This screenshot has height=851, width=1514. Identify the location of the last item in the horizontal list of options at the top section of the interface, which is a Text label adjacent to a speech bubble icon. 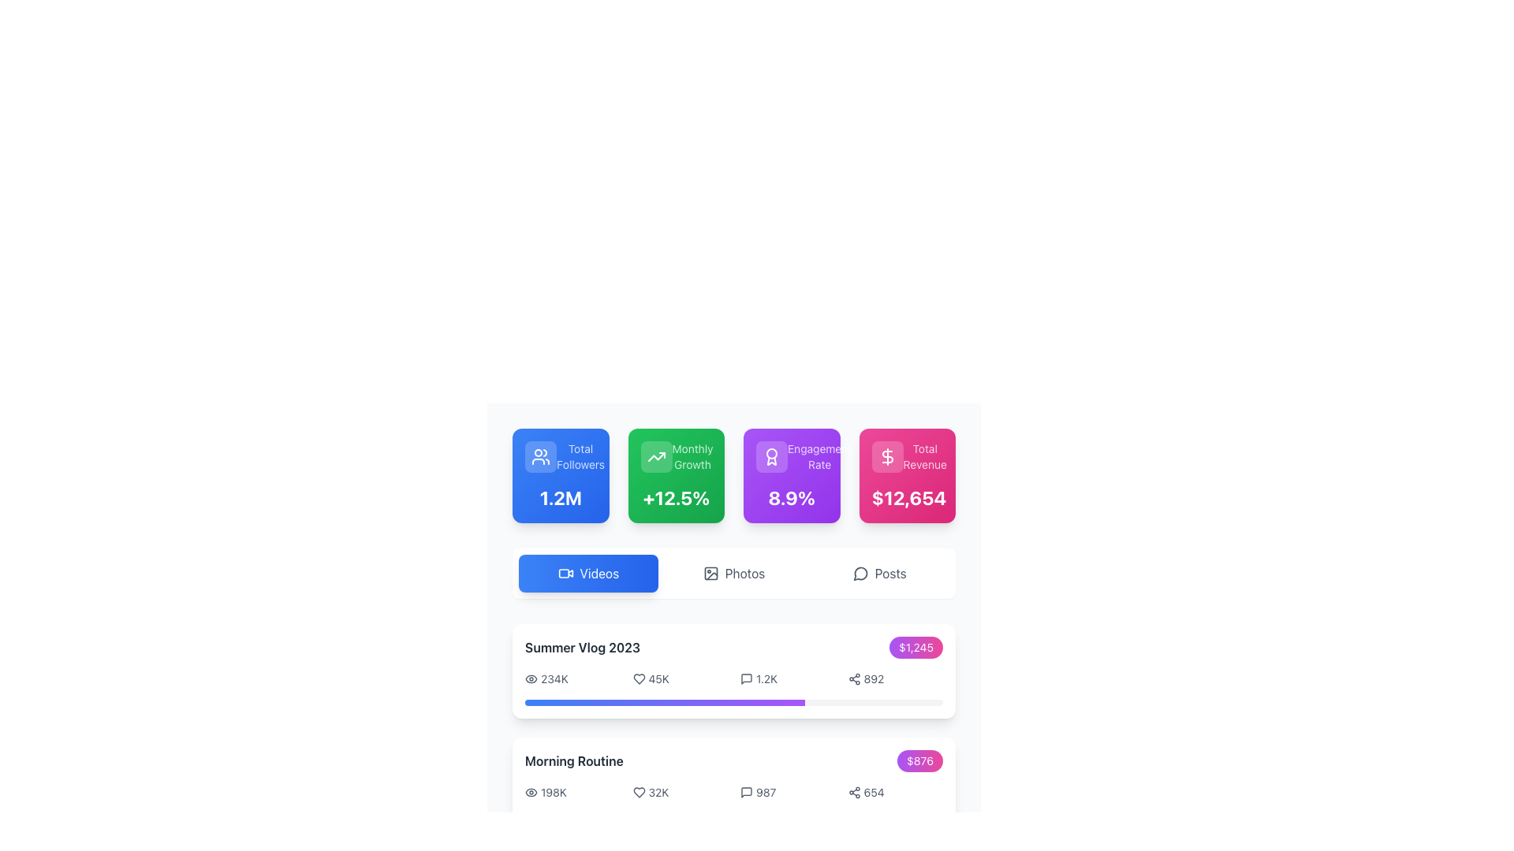
(890, 574).